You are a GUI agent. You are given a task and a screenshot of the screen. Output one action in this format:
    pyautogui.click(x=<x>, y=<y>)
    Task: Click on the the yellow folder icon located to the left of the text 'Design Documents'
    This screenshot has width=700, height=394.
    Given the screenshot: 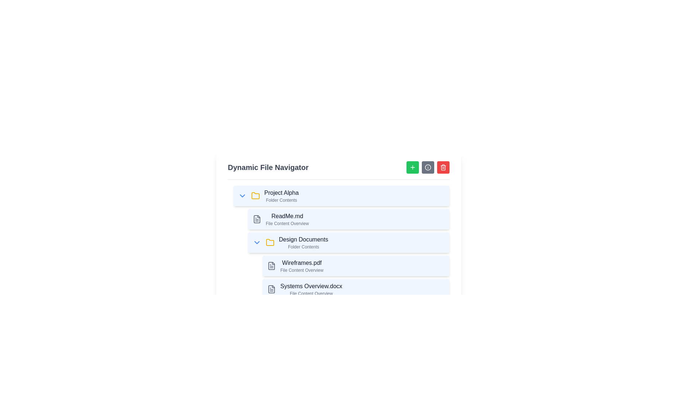 What is the action you would take?
    pyautogui.click(x=269, y=242)
    